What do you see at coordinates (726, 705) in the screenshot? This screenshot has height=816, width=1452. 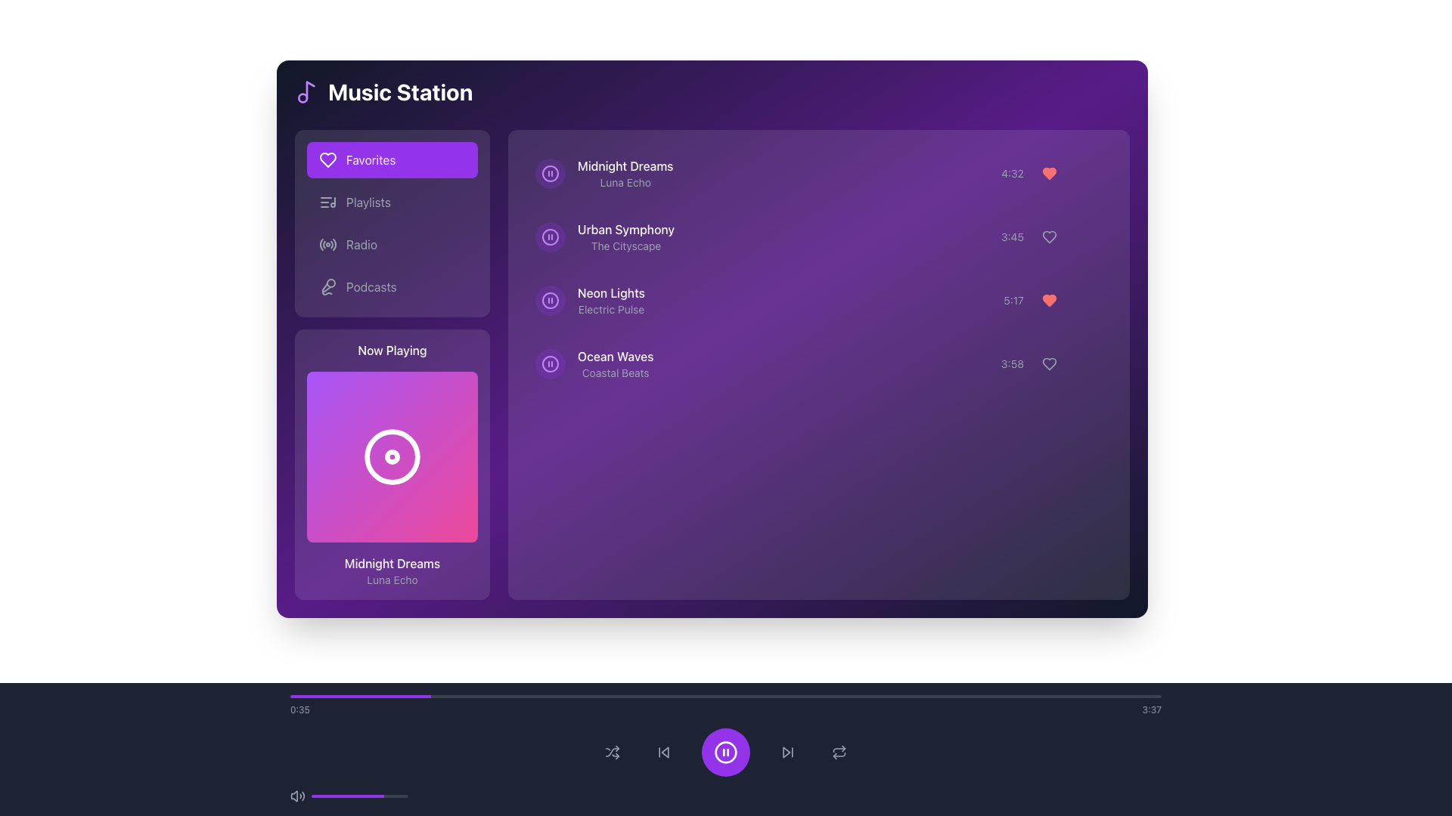 I see `the progress bar at the bottom of the main application interface` at bounding box center [726, 705].